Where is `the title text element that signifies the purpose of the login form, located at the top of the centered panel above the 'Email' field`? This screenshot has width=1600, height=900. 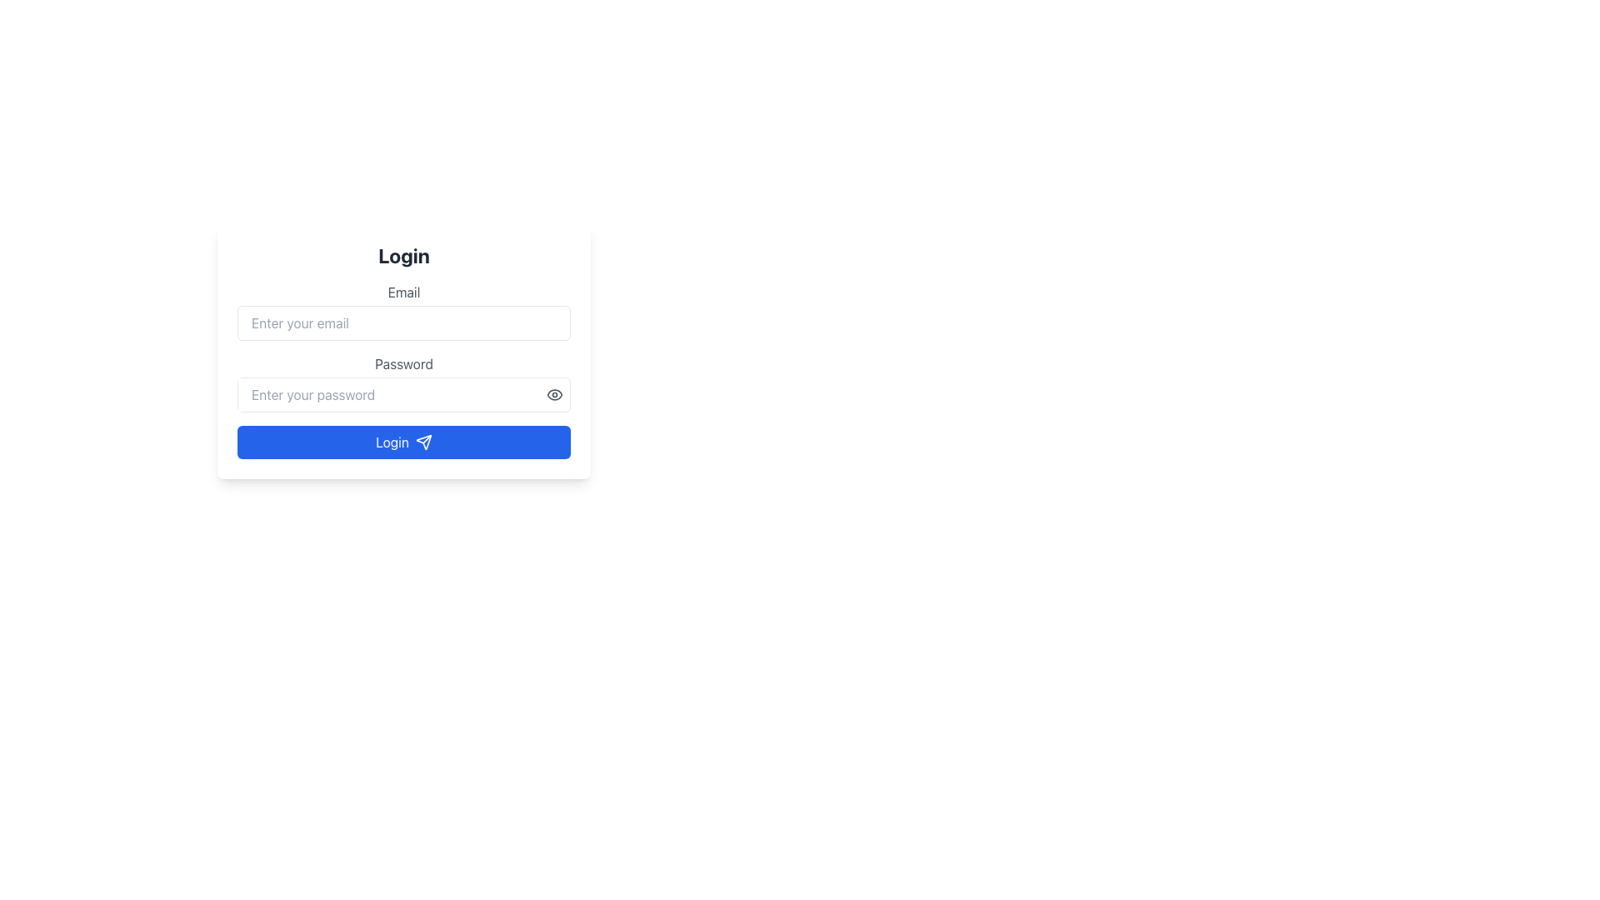 the title text element that signifies the purpose of the login form, located at the top of the centered panel above the 'Email' field is located at coordinates (403, 256).